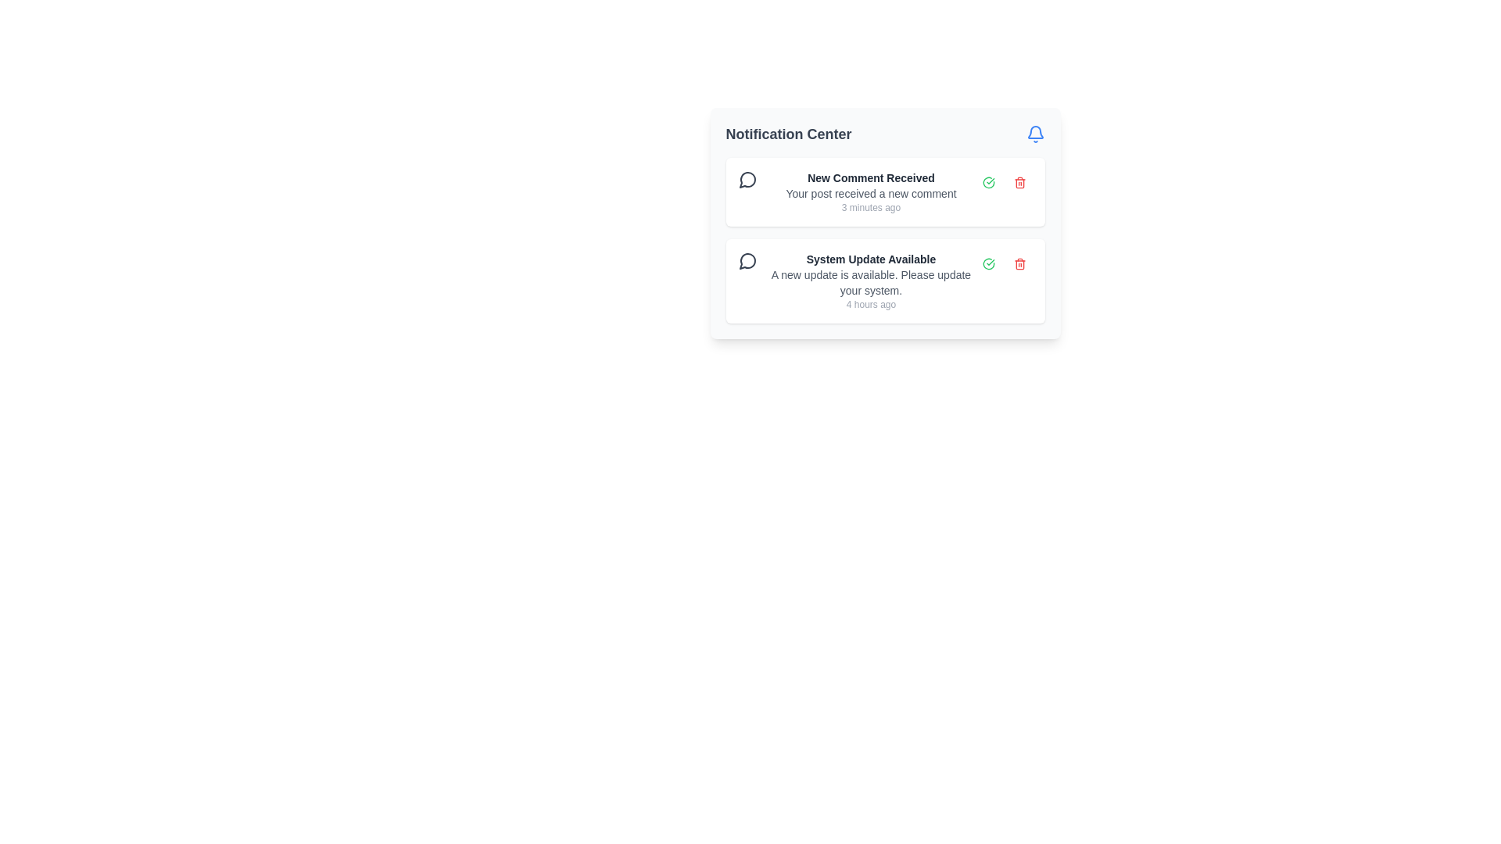 This screenshot has height=844, width=1501. What do you see at coordinates (885, 241) in the screenshot?
I see `the second notification box in the 'Notification Center' section` at bounding box center [885, 241].